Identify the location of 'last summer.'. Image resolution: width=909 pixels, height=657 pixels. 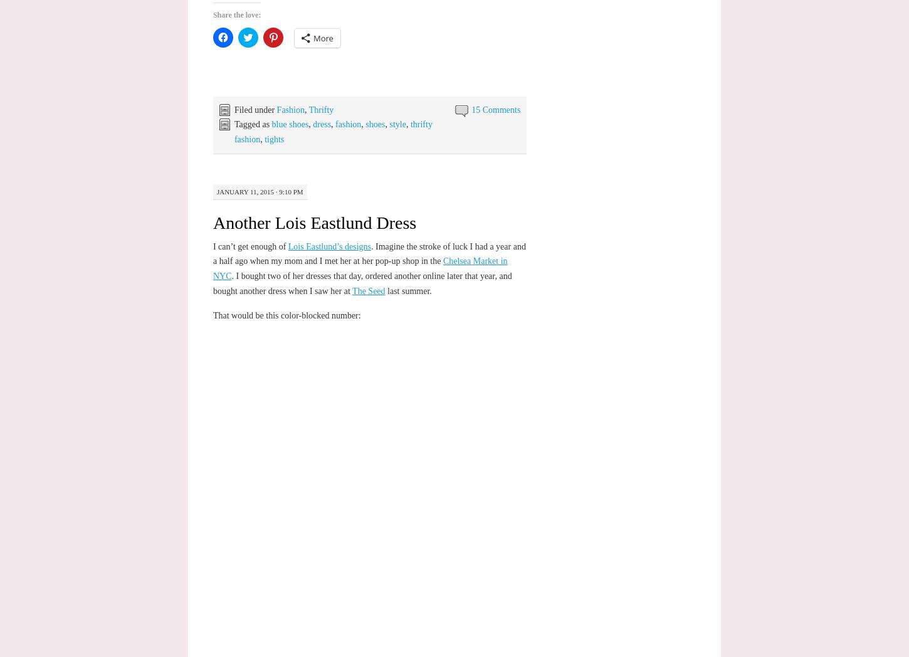
(407, 290).